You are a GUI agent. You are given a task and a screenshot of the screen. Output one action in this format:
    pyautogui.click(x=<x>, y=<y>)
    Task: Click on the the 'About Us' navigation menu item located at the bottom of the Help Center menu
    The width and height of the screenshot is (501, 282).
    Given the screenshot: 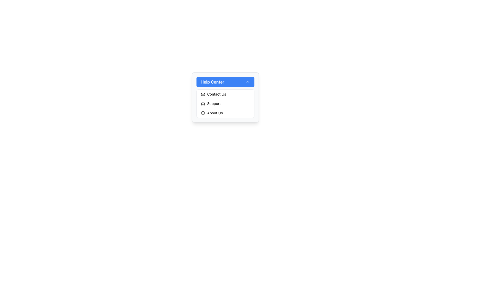 What is the action you would take?
    pyautogui.click(x=225, y=113)
    